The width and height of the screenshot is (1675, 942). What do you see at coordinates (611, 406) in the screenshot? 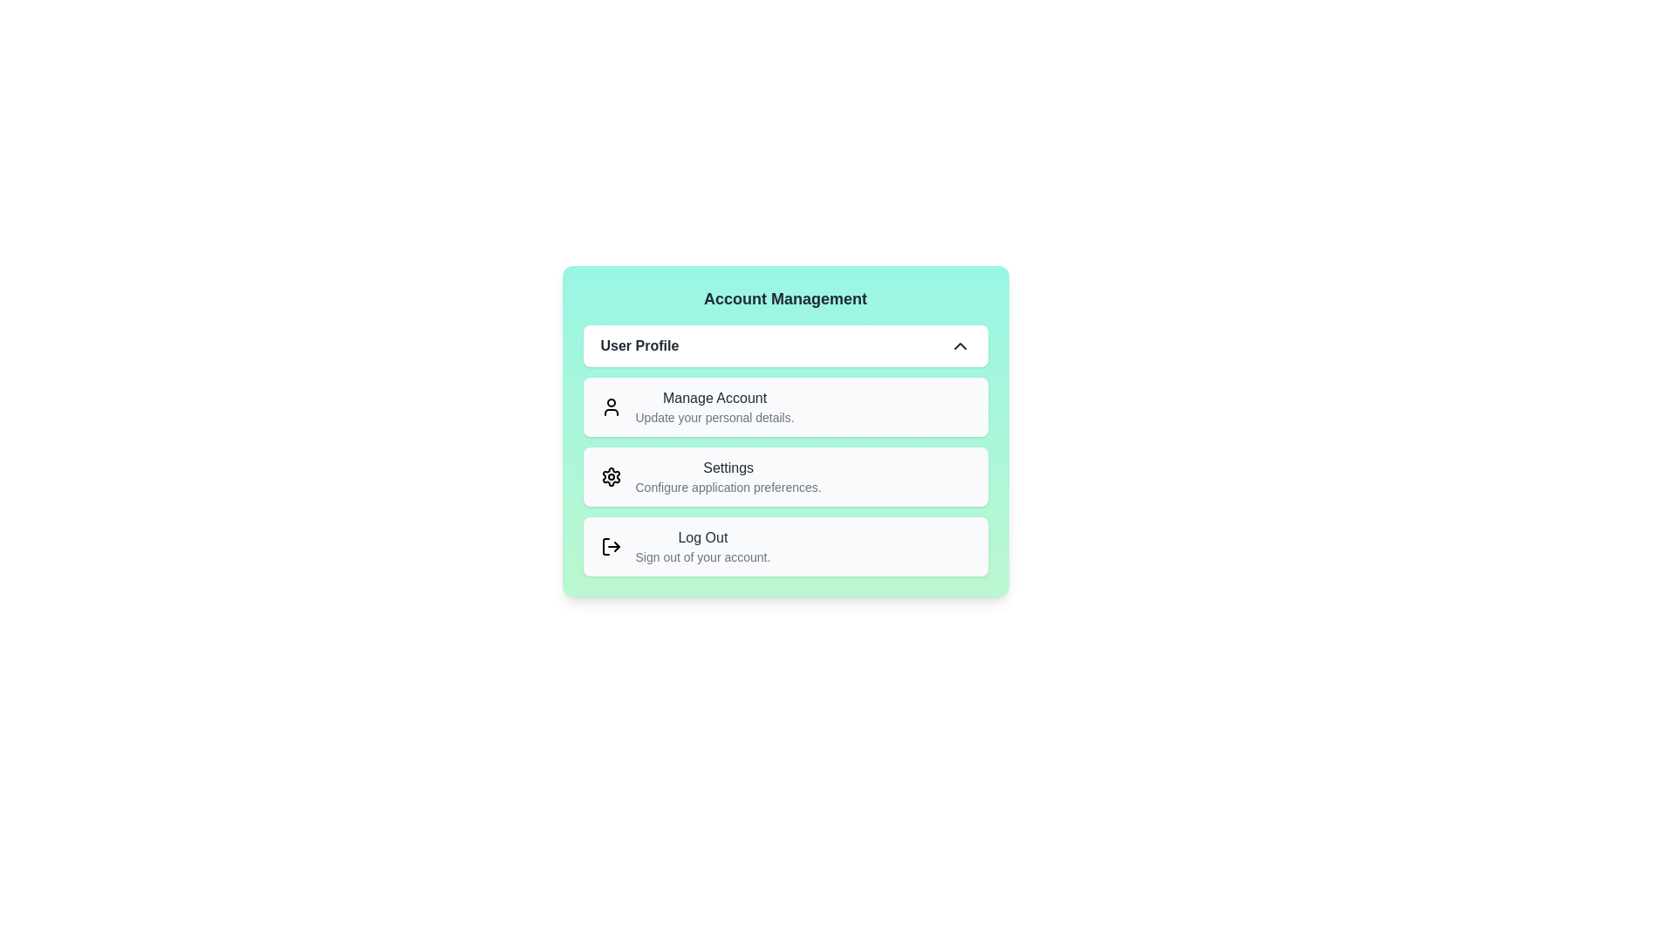
I see `the icon corresponding to the menu item Manage Account` at bounding box center [611, 406].